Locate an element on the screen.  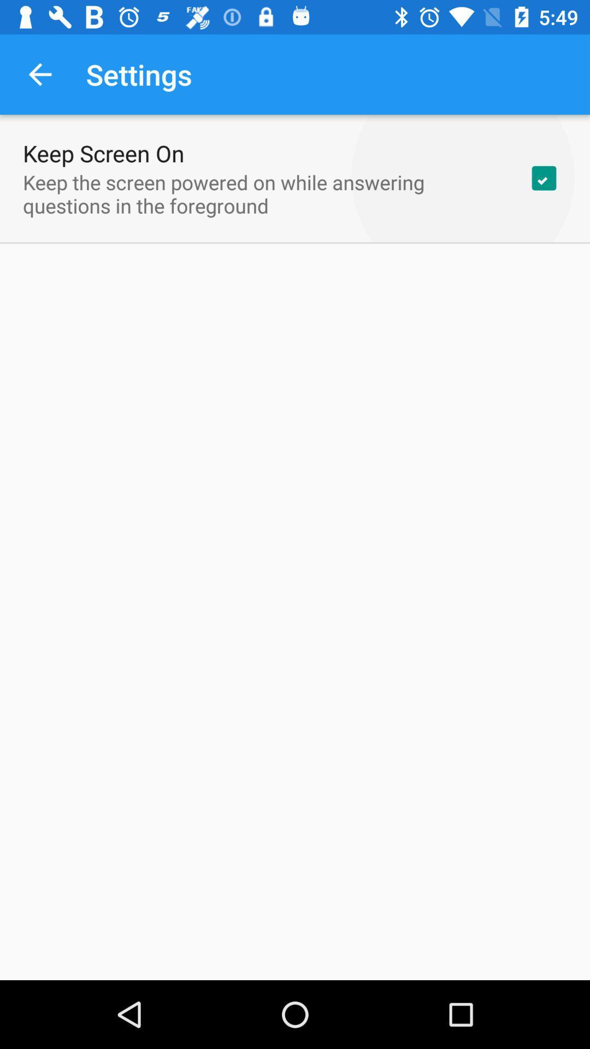
item to the left of settings icon is located at coordinates (39, 74).